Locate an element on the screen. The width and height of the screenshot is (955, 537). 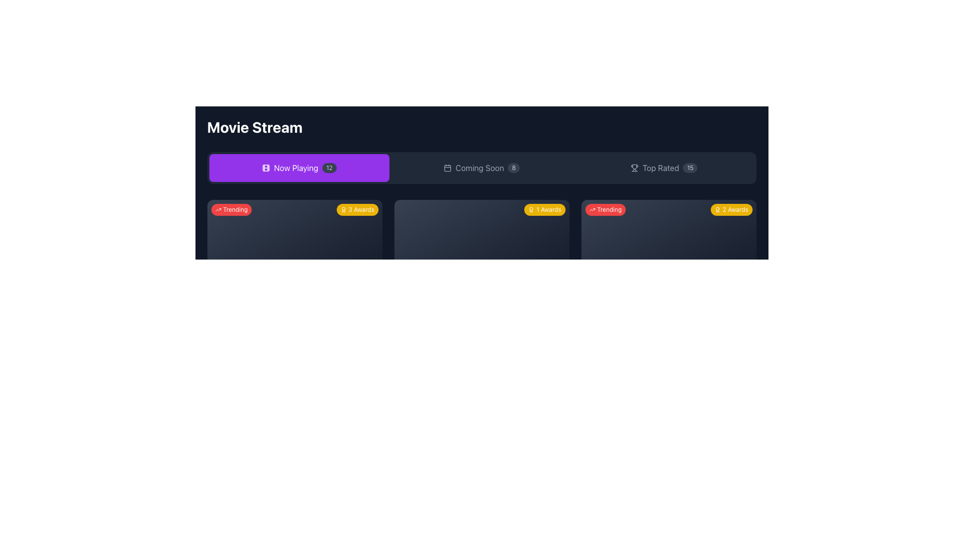
the filmstrip icon located on the left side of the 'Now Playing' button in the top navigation section of the interface is located at coordinates (266, 168).